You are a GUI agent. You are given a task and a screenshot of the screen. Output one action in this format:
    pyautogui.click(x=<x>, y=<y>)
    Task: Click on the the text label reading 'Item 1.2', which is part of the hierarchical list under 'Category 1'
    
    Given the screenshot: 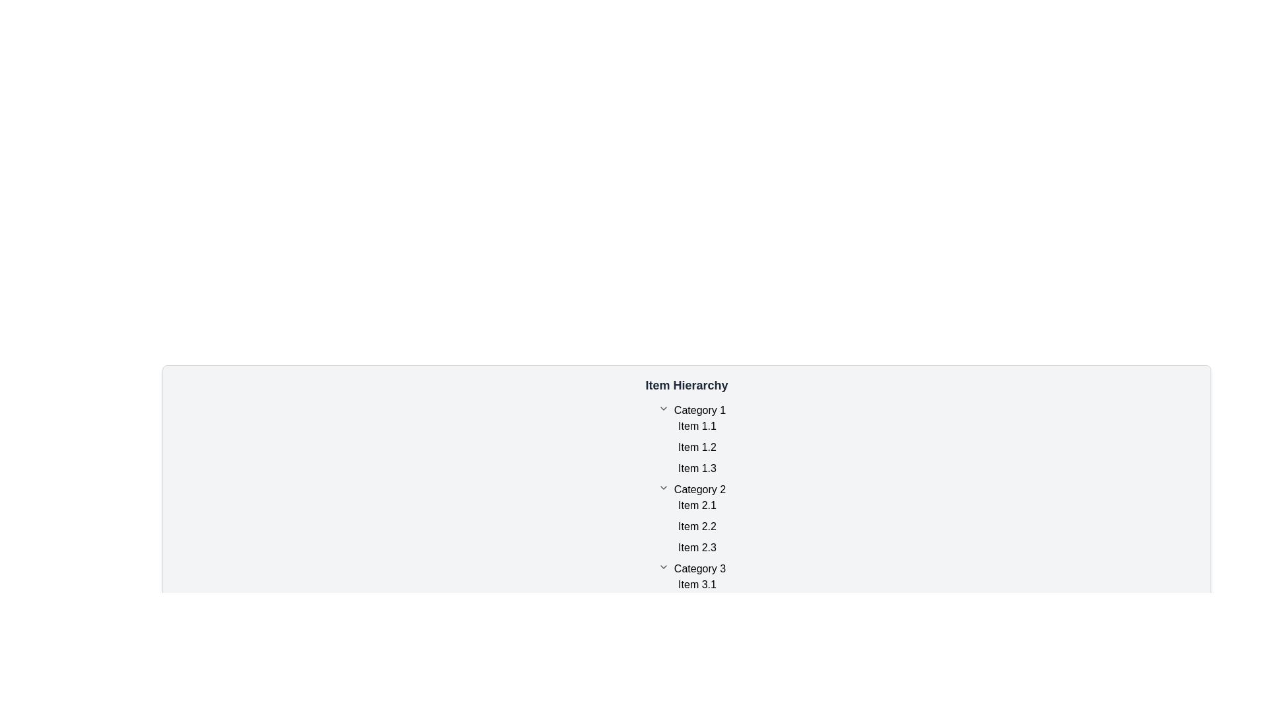 What is the action you would take?
    pyautogui.click(x=697, y=446)
    